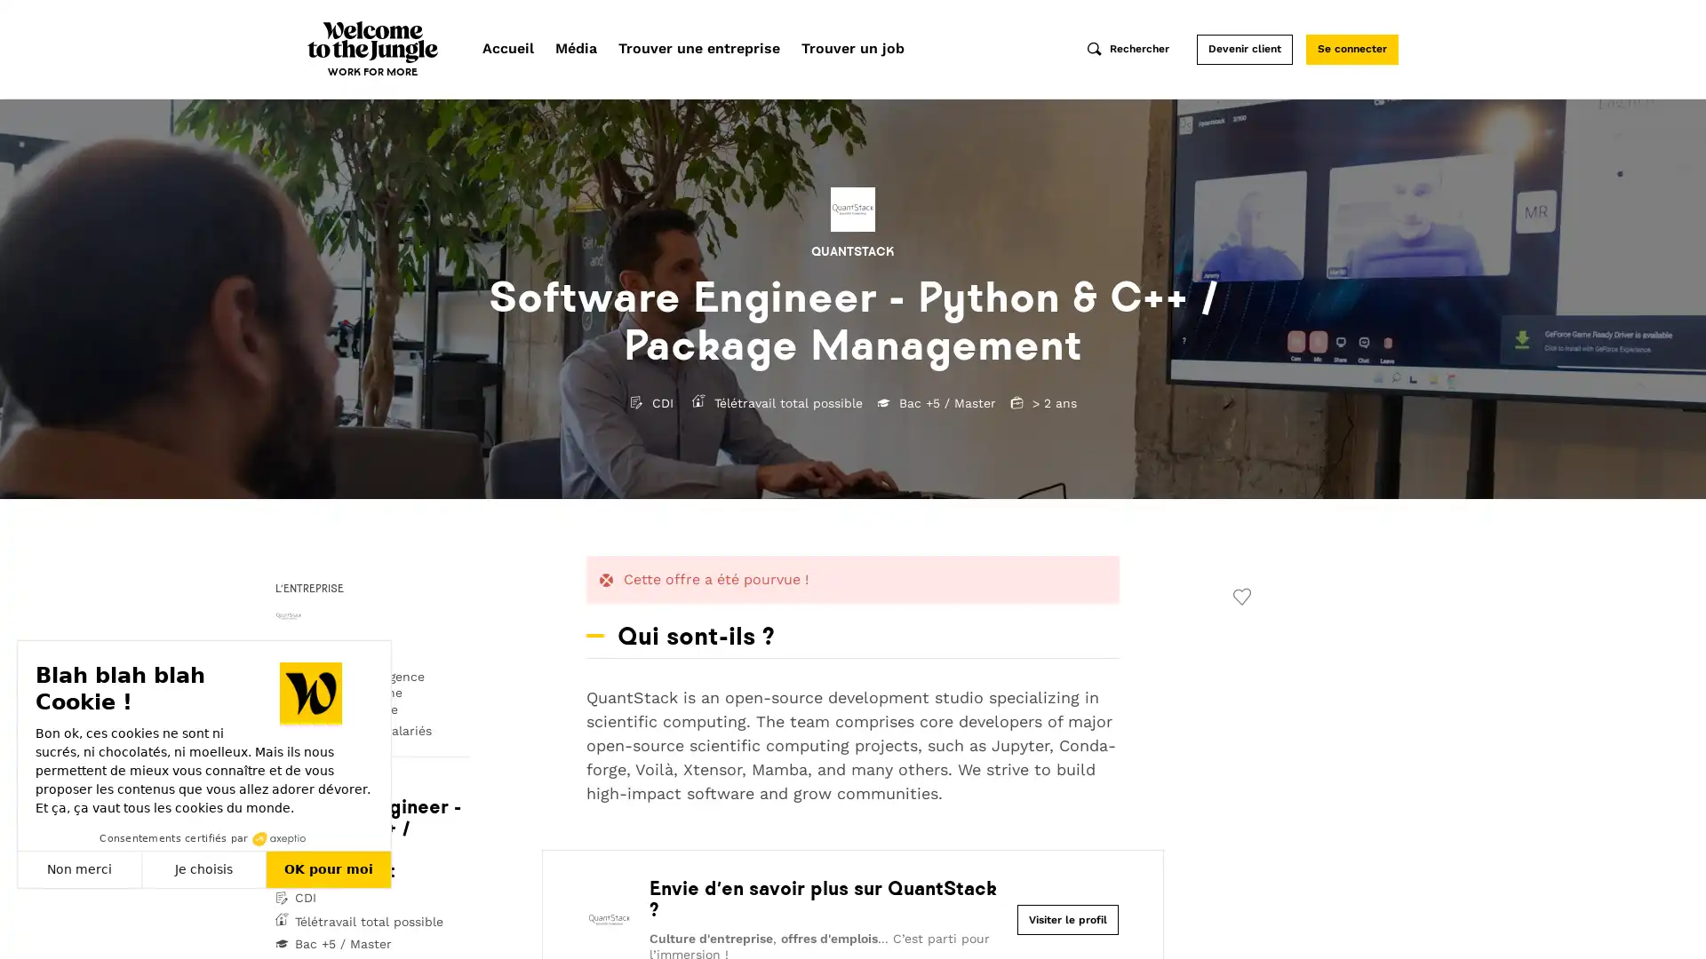  What do you see at coordinates (328, 868) in the screenshot?
I see `OK pour moi` at bounding box center [328, 868].